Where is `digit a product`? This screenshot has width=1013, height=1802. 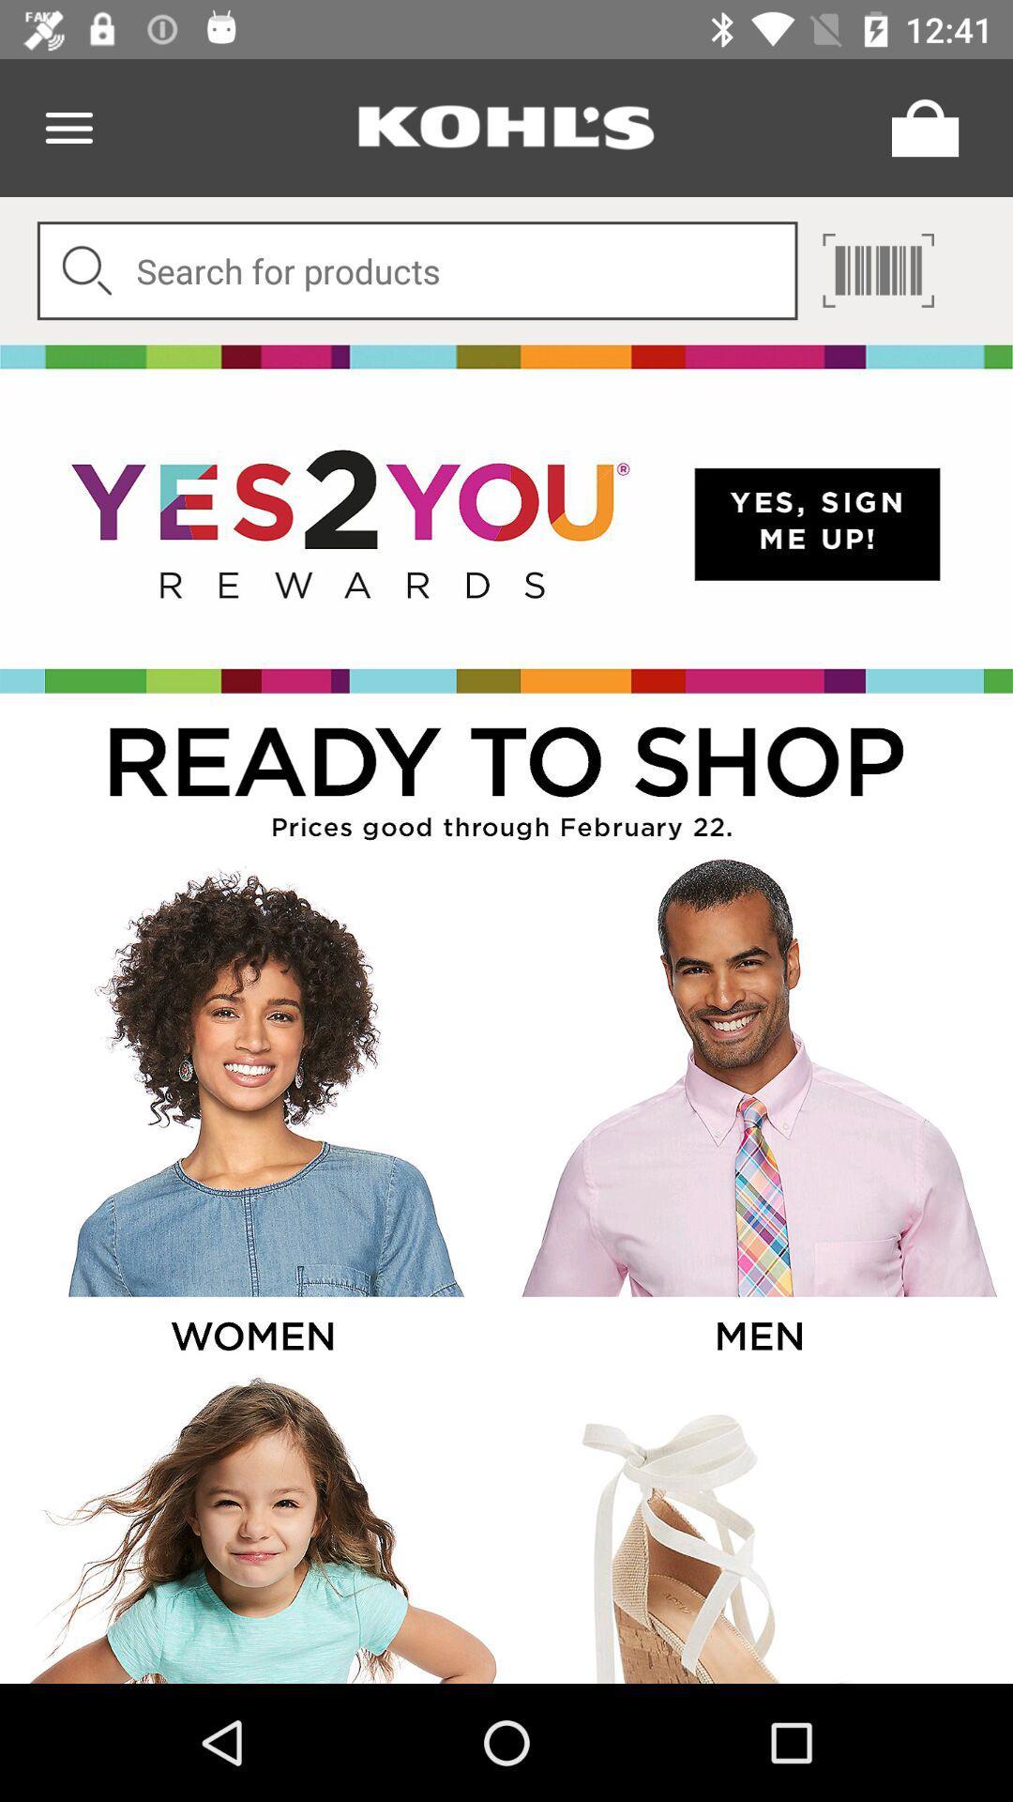
digit a product is located at coordinates (416, 269).